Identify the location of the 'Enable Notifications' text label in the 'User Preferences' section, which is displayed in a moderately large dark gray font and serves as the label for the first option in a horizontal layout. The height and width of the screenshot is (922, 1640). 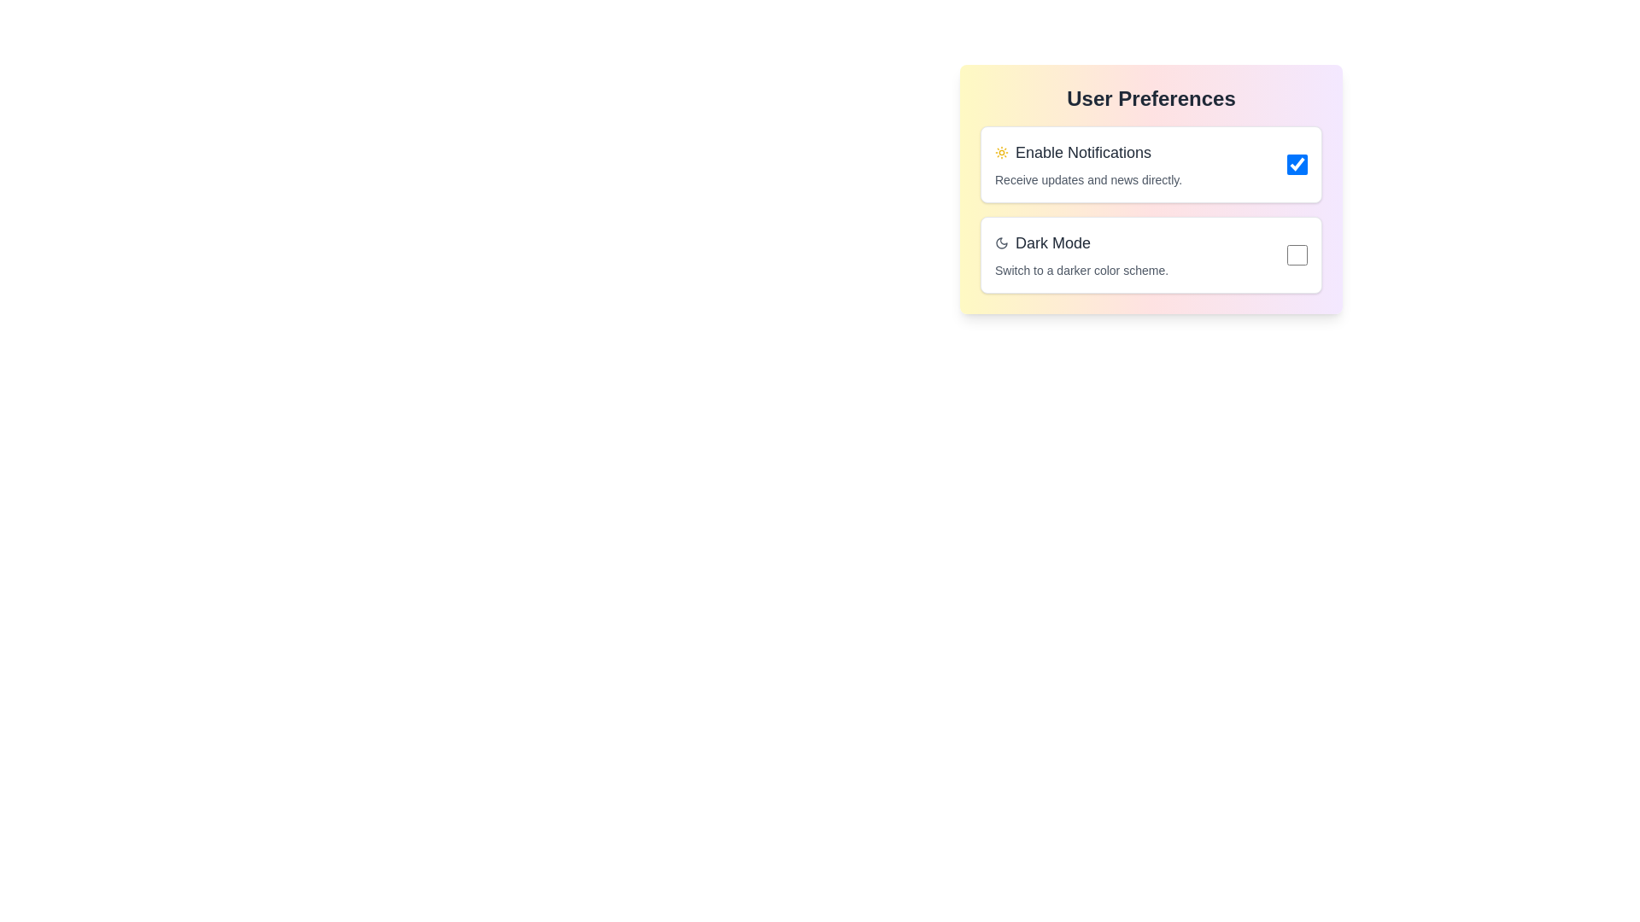
(1082, 151).